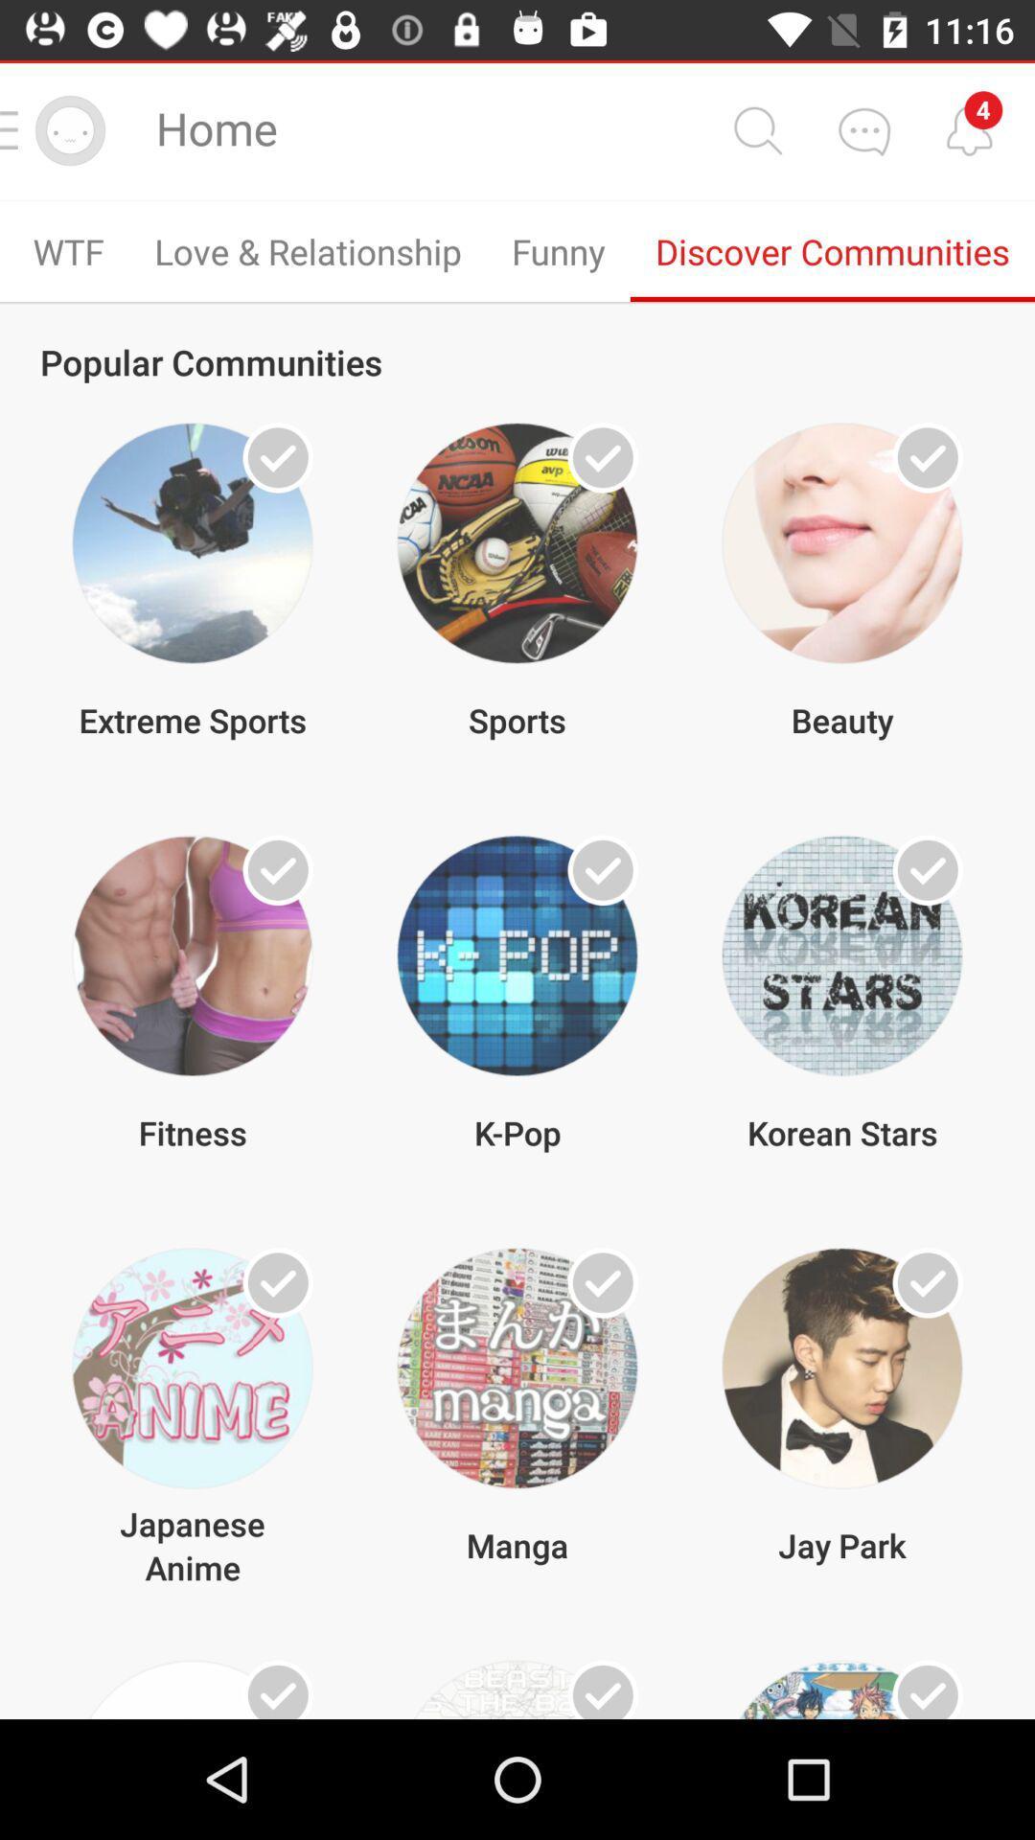 This screenshot has height=1840, width=1035. What do you see at coordinates (602, 1282) in the screenshot?
I see `selection` at bounding box center [602, 1282].